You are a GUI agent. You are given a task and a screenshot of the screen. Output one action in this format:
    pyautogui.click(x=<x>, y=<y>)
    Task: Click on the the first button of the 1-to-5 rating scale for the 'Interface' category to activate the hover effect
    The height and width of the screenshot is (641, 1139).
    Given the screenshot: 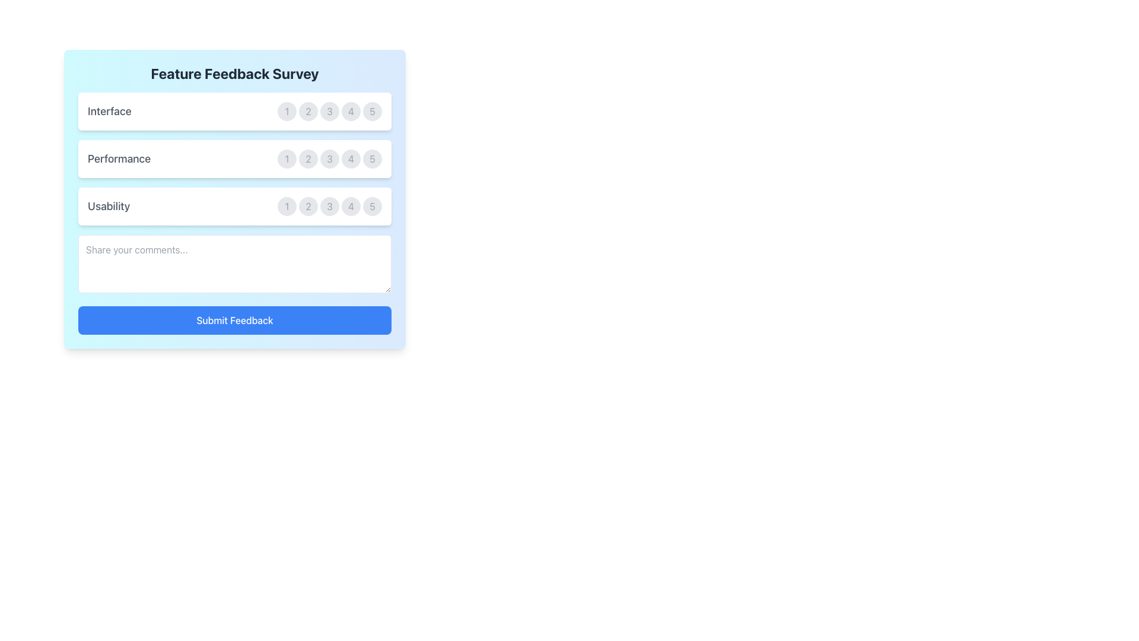 What is the action you would take?
    pyautogui.click(x=287, y=112)
    